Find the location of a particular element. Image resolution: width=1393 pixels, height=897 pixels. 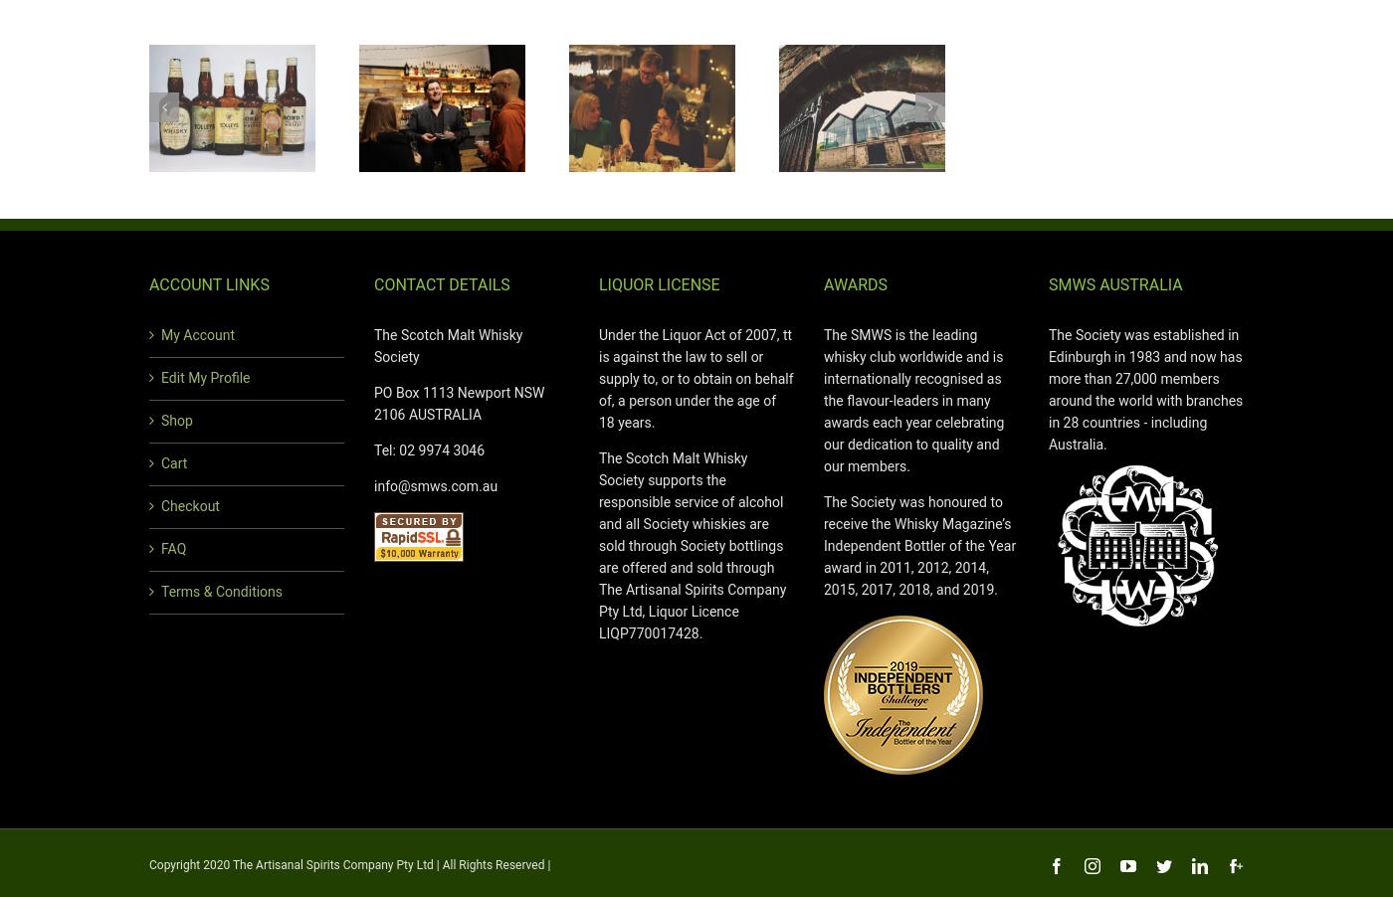

'info@smws.com.au' is located at coordinates (374, 484).